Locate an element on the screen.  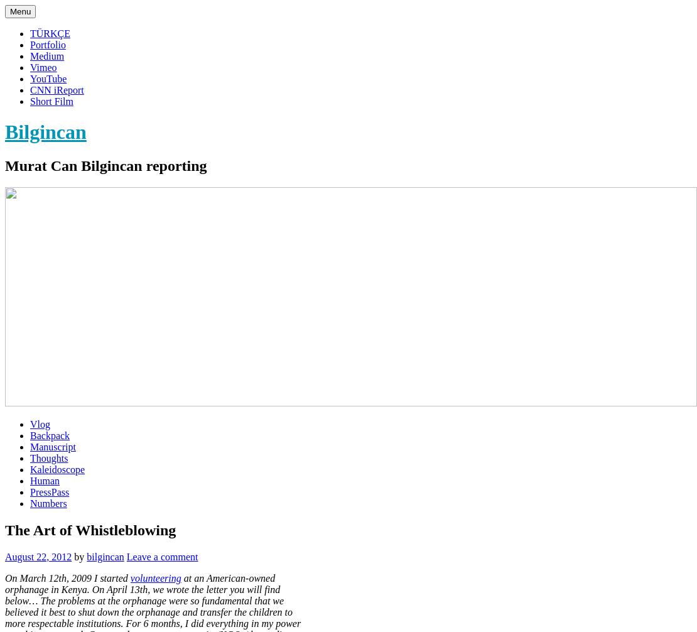
'PressPass' is located at coordinates (49, 491).